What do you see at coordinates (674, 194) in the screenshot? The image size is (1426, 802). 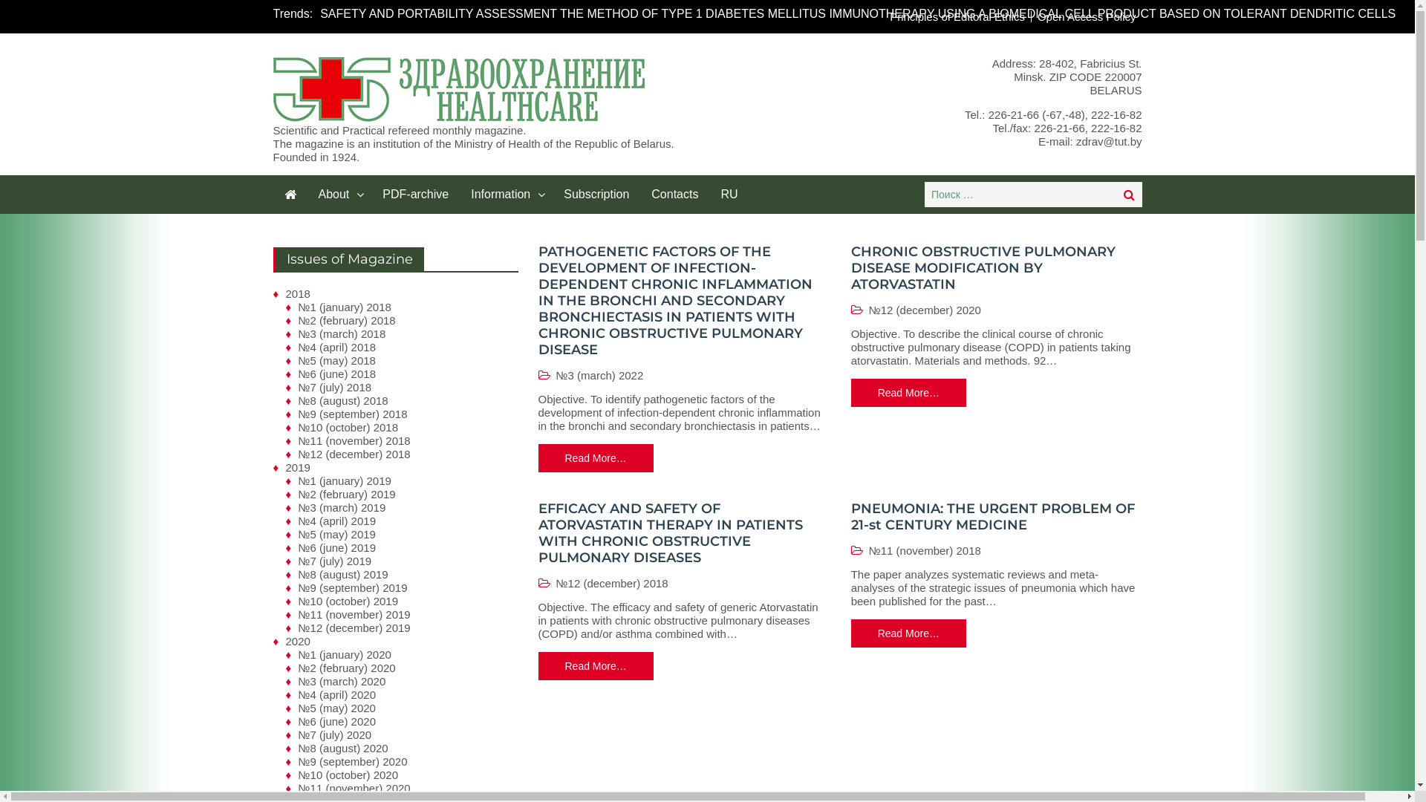 I see `'Contacts'` at bounding box center [674, 194].